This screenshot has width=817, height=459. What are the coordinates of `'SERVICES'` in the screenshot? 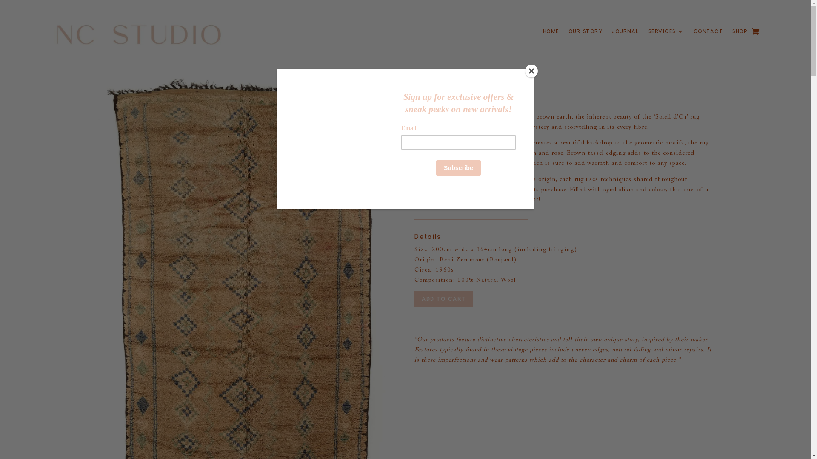 It's located at (666, 32).